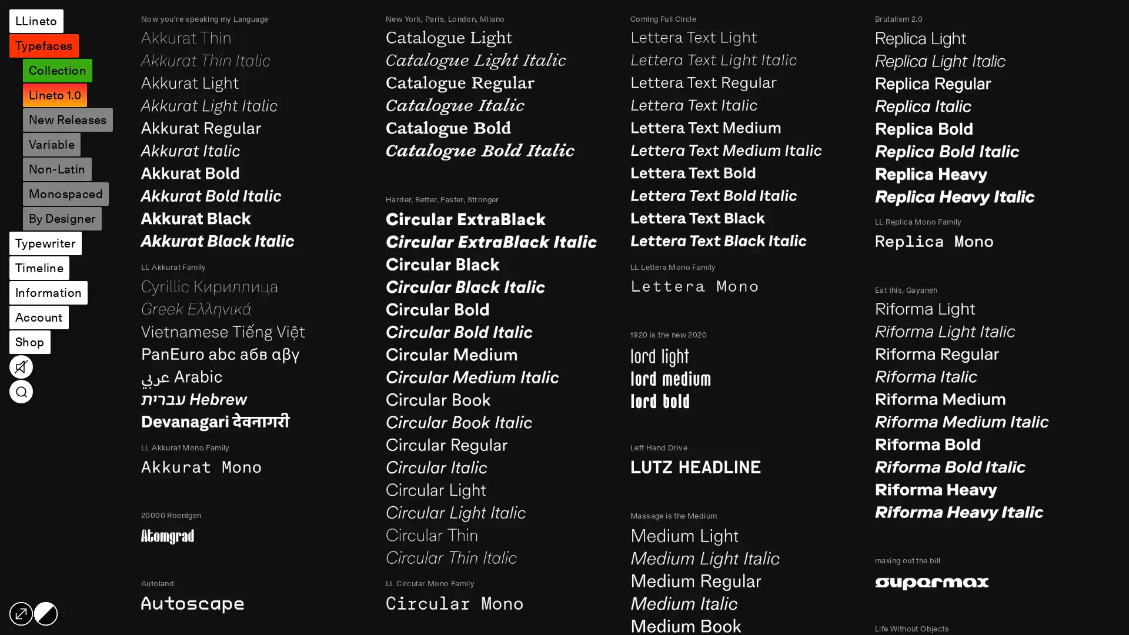 Image resolution: width=1129 pixels, height=635 pixels. I want to click on LLineto, so click(36, 21).